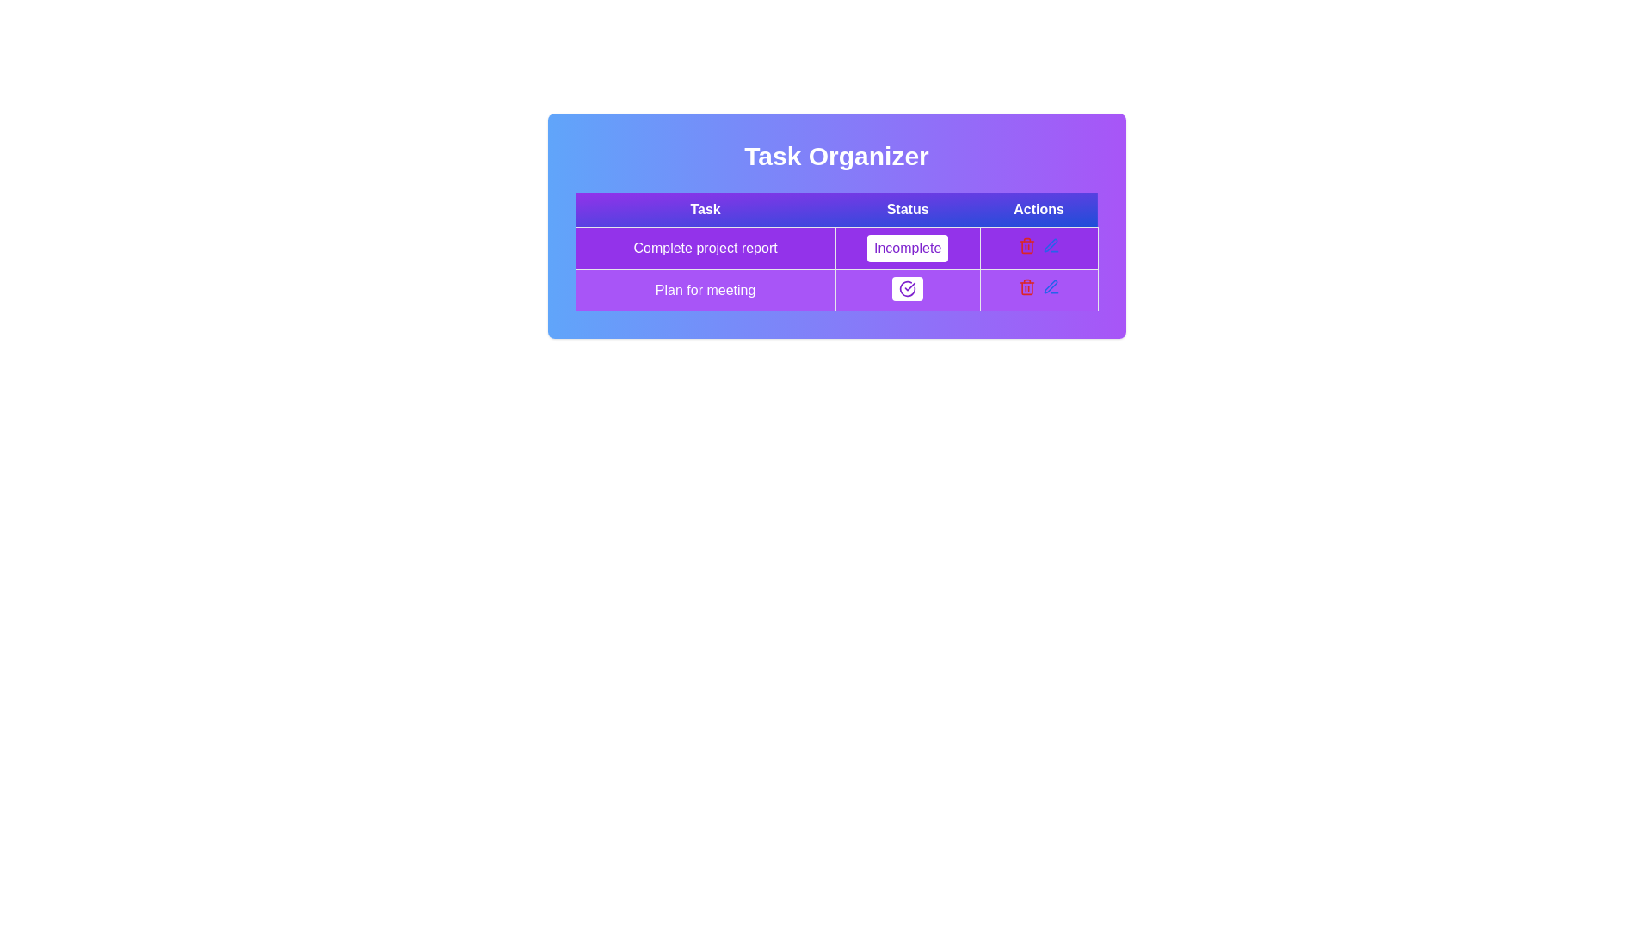  I want to click on the purple circular icon with a checkmark within it, located in the second row under the 'Status' column for the task 'Plan for meeting', to mark the task as complete or confirmed, so click(907, 287).